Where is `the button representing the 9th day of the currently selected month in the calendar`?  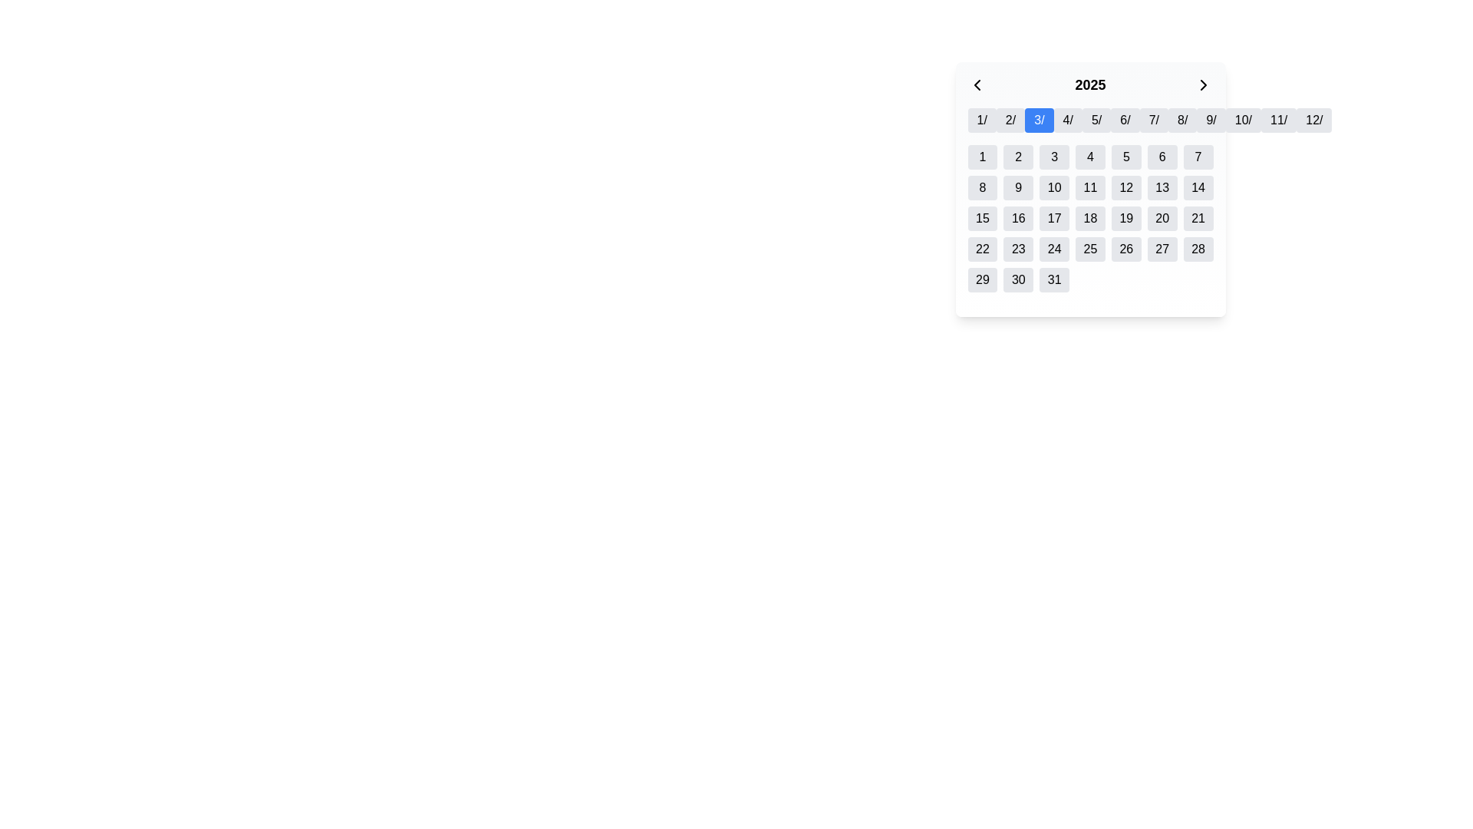
the button representing the 9th day of the currently selected month in the calendar is located at coordinates (1018, 187).